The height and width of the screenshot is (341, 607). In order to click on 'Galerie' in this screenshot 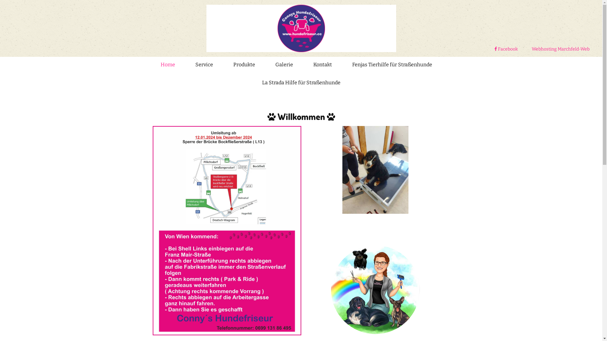, I will do `click(275, 66)`.